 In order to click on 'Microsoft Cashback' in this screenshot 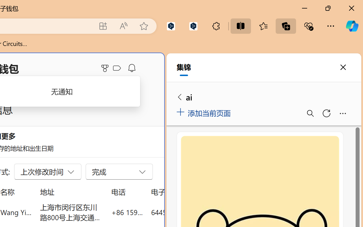, I will do `click(118, 68)`.